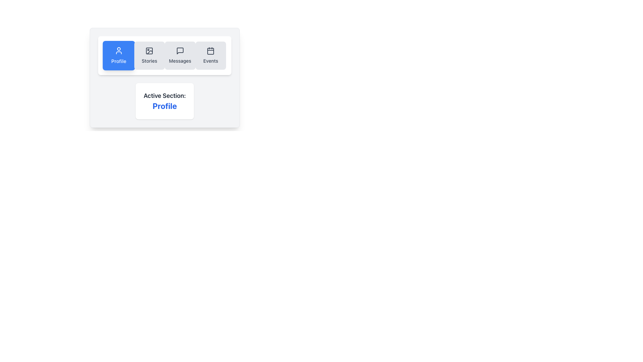  Describe the element at coordinates (119, 61) in the screenshot. I see `the 'Profile' text label, which is styled in white on a blue background and is part of a button in the navigation row` at that location.